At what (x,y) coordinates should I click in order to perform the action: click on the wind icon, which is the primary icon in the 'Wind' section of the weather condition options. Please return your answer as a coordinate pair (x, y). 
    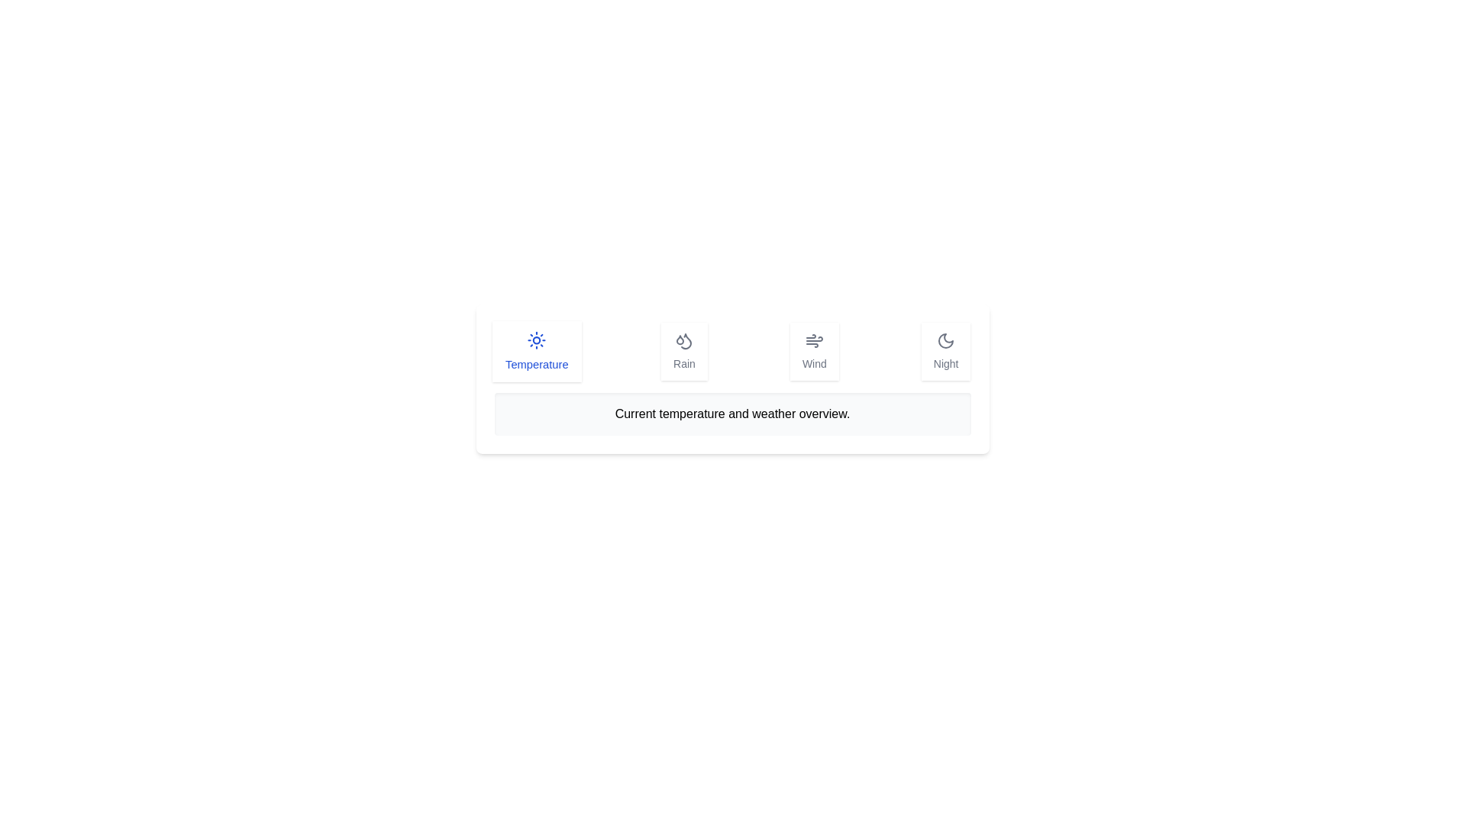
    Looking at the image, I should click on (813, 340).